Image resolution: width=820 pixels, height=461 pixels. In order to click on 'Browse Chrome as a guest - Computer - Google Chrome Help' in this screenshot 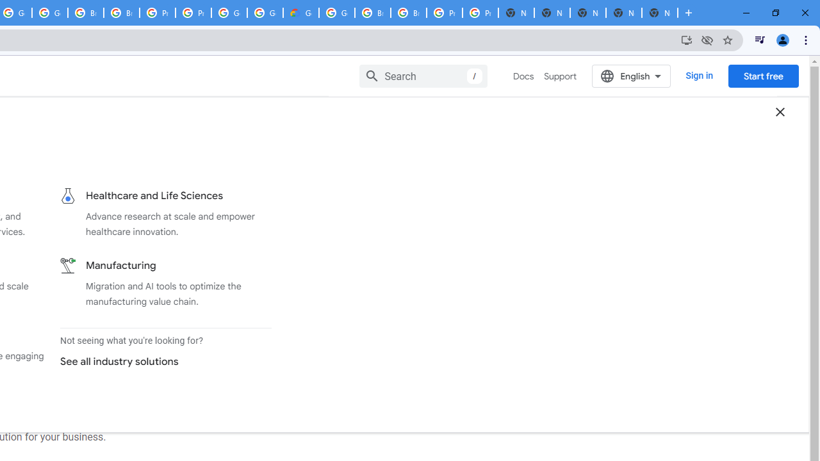, I will do `click(372, 13)`.